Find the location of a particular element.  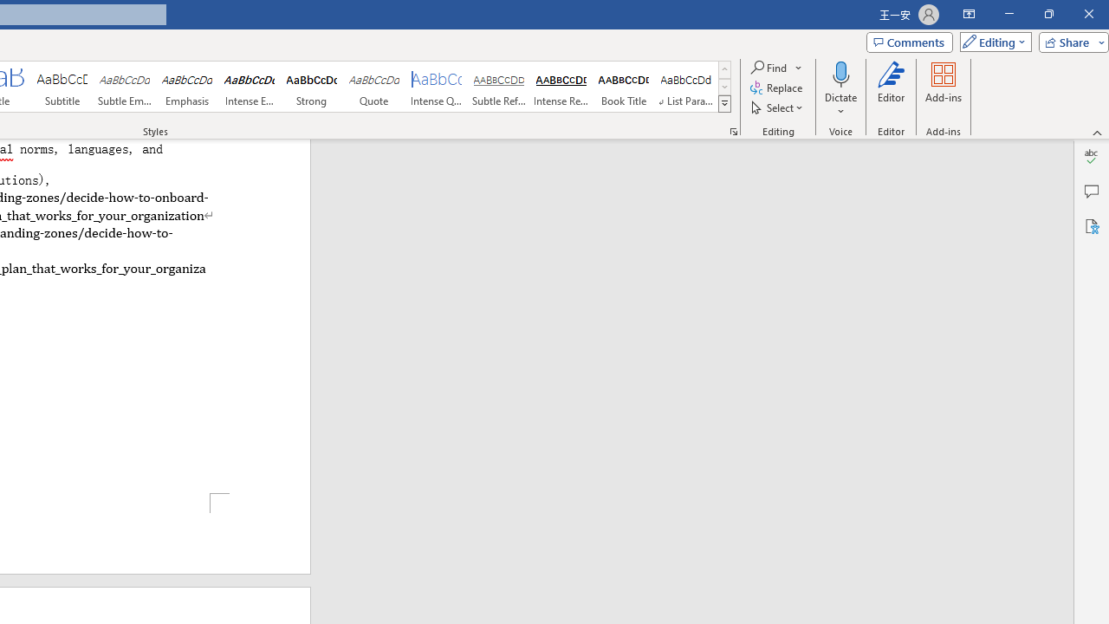

'Book Title' is located at coordinates (624, 87).